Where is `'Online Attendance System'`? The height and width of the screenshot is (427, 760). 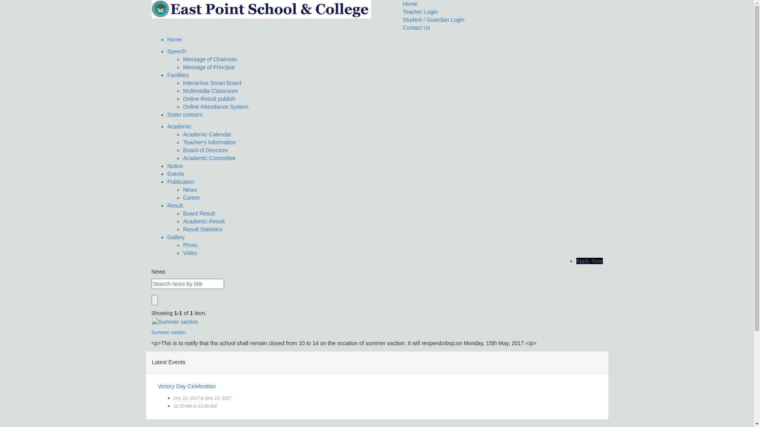
'Online Attendance System' is located at coordinates (215, 107).